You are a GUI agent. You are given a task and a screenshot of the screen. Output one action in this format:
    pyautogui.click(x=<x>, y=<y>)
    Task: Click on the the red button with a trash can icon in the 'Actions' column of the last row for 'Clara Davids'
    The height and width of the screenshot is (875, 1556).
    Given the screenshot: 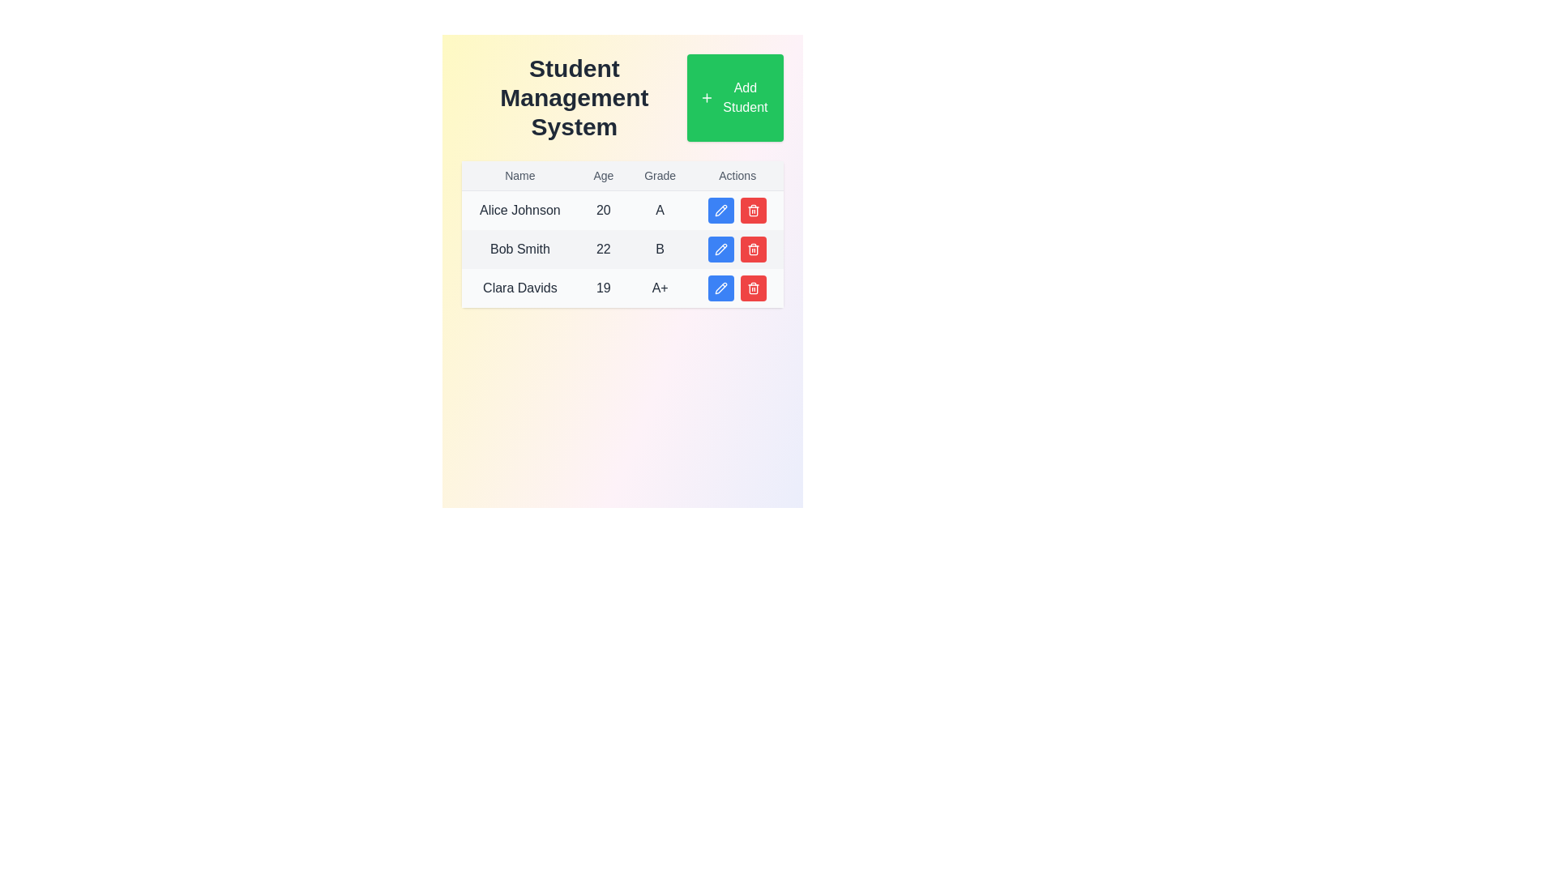 What is the action you would take?
    pyautogui.click(x=753, y=287)
    